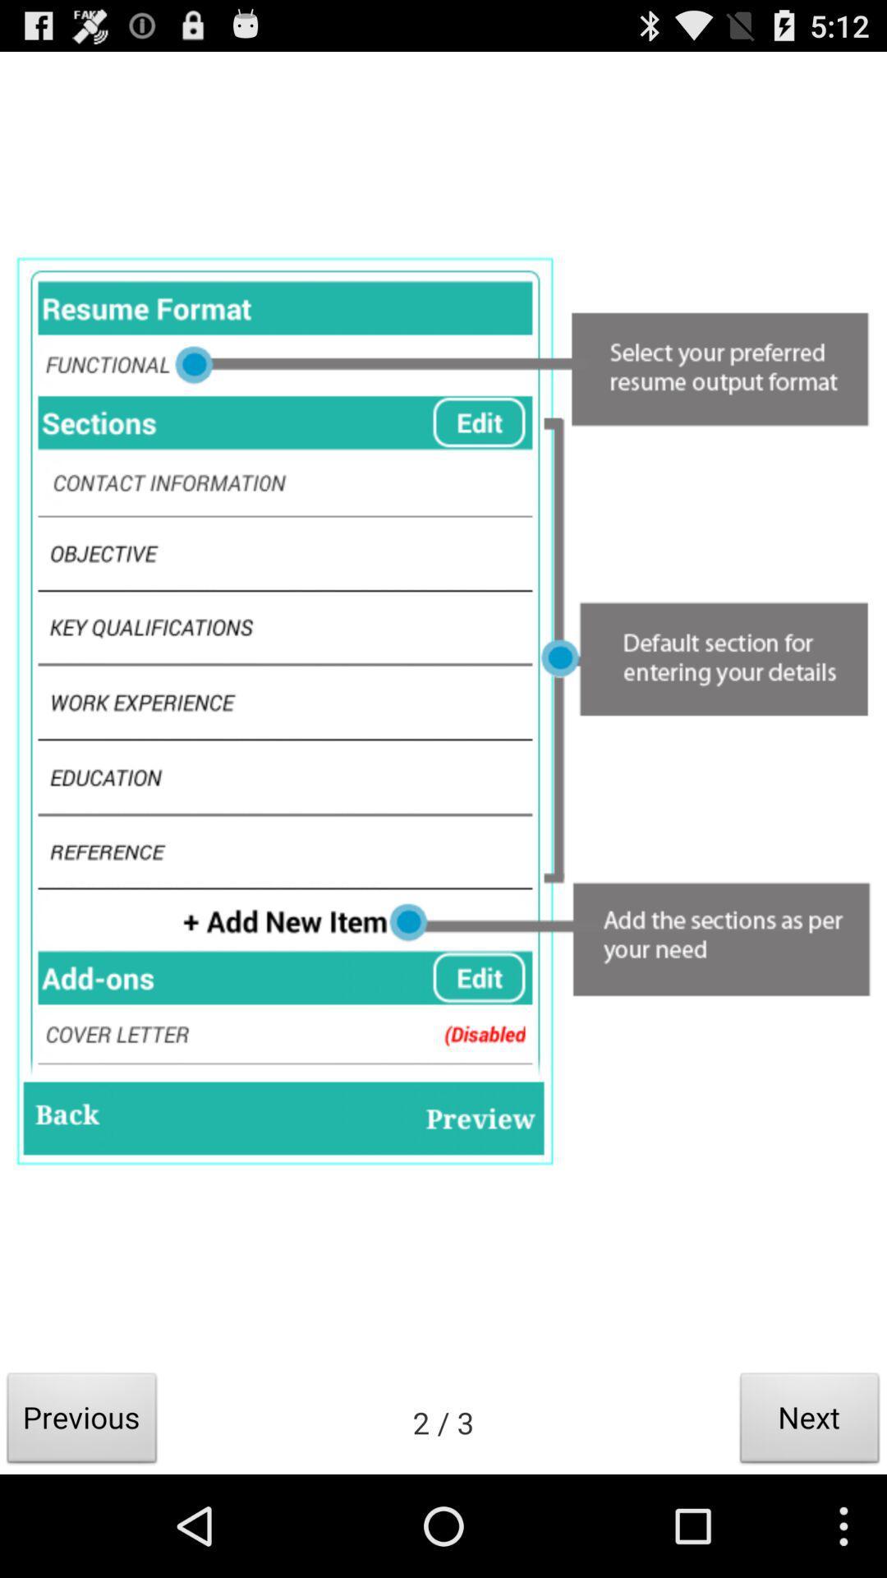 The width and height of the screenshot is (887, 1578). I want to click on item at the bottom left corner, so click(82, 1422).